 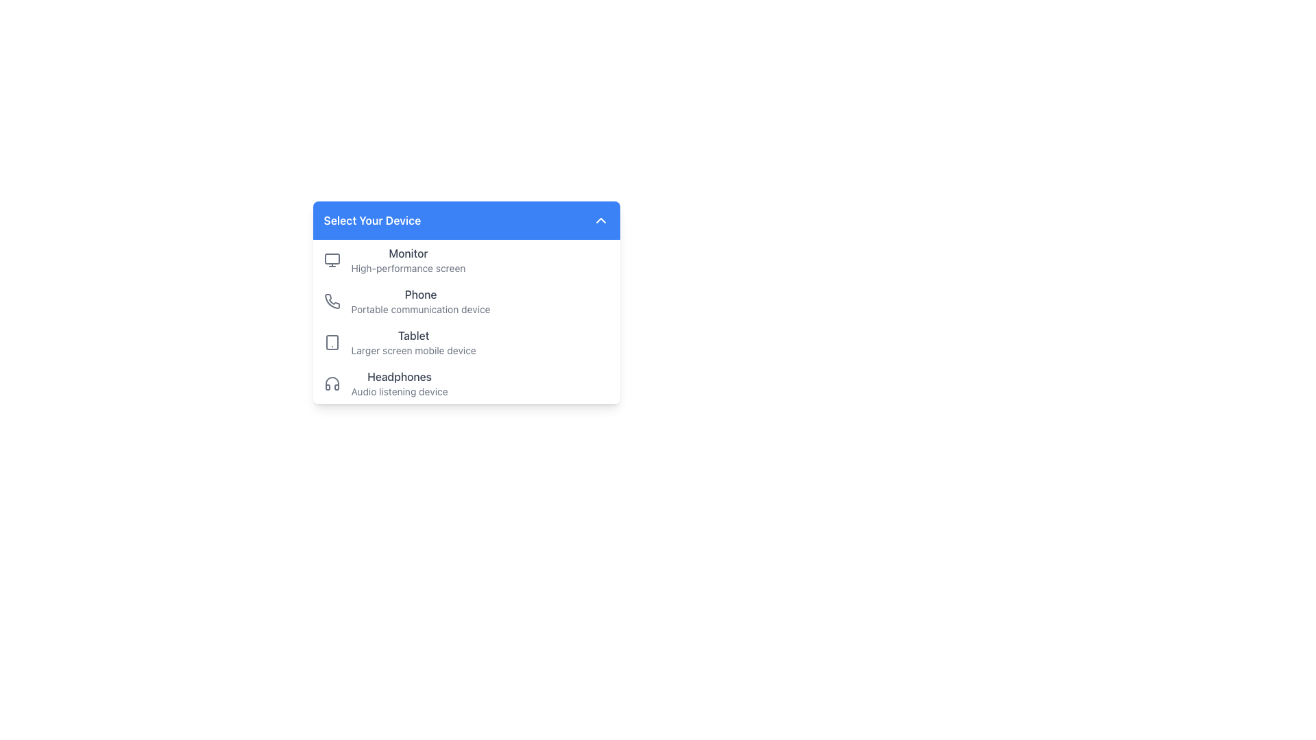 What do you see at coordinates (466, 302) in the screenshot?
I see `the 'Phone' list item, which features a gray text label and a telephone icon` at bounding box center [466, 302].